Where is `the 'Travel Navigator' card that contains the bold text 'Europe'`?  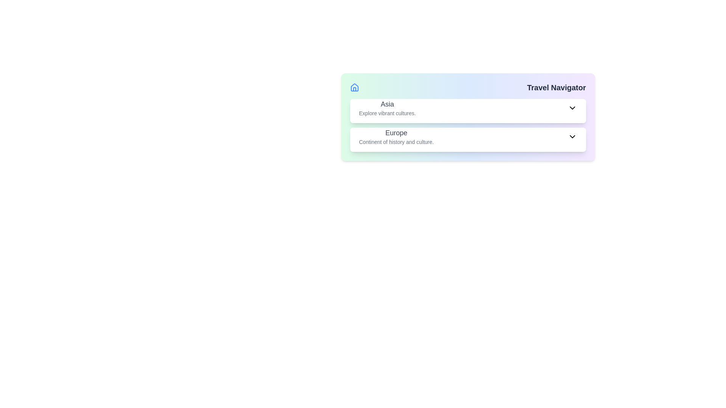
the 'Travel Navigator' card that contains the bold text 'Europe' is located at coordinates (396, 132).